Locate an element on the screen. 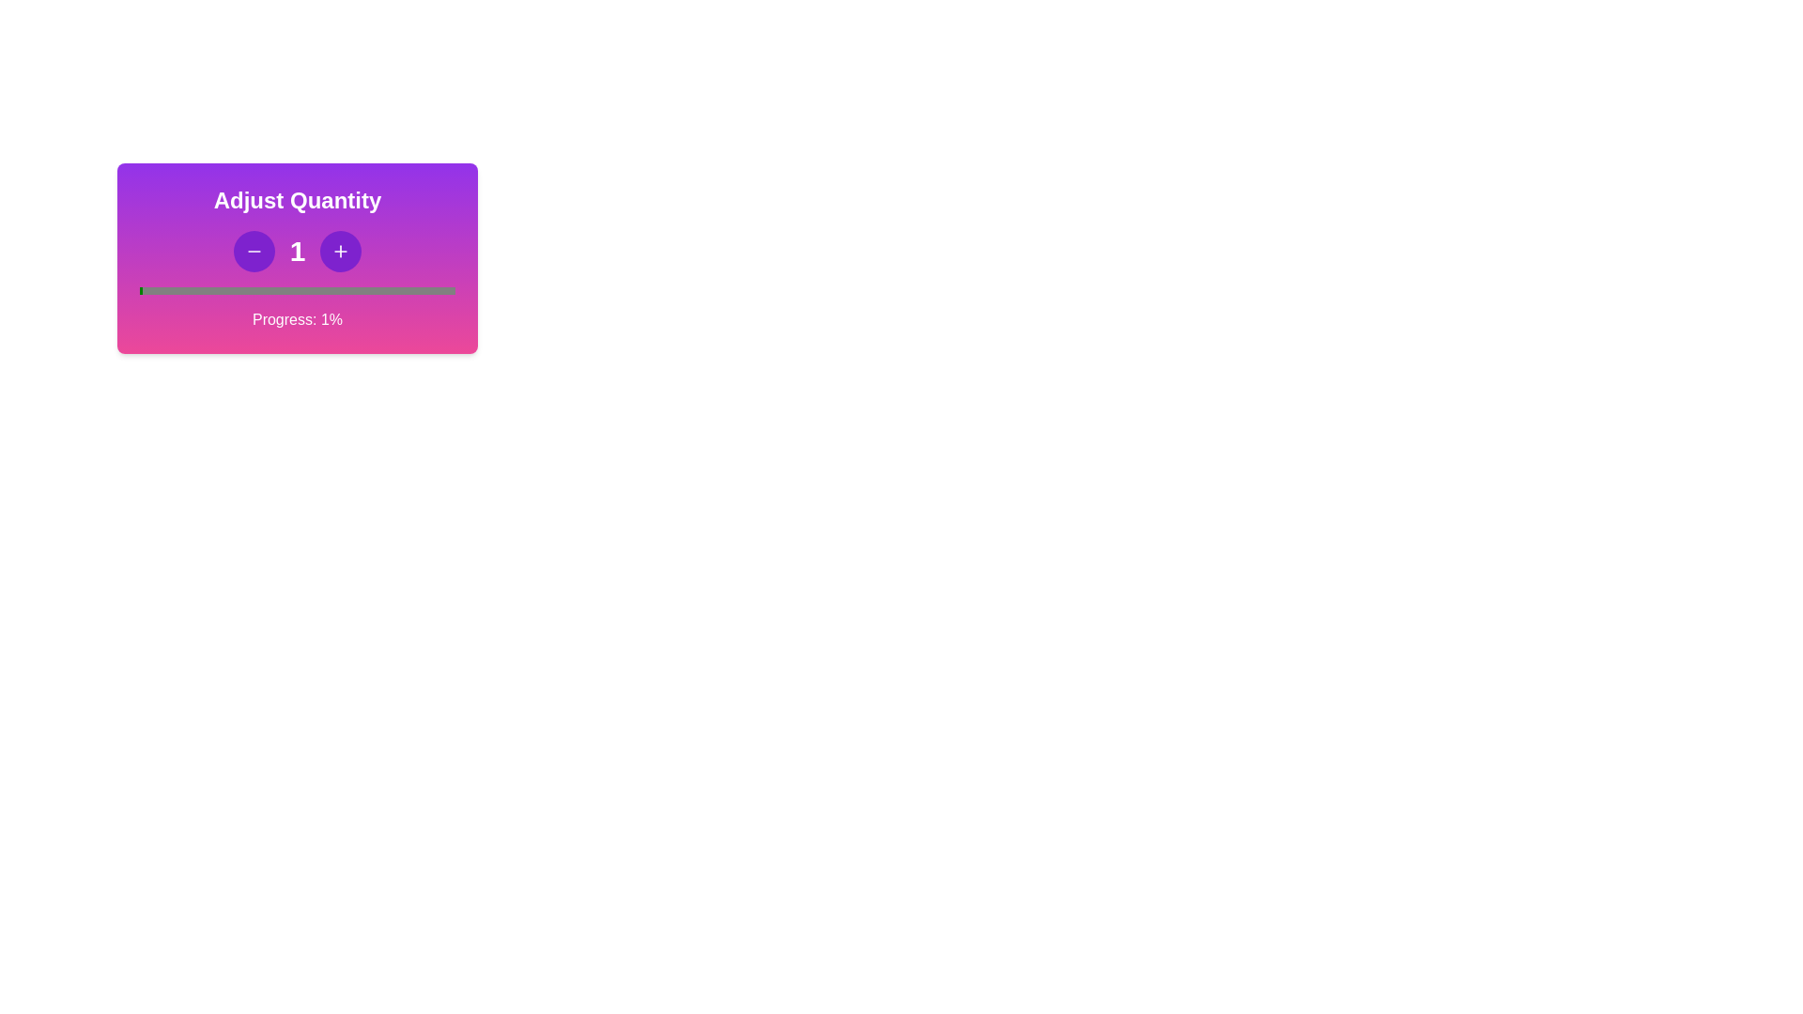 The width and height of the screenshot is (1803, 1014). the 'minus' icon located within the circular button to the left of the numeric value '1' in the 'Adjust Quantity' section is located at coordinates (253, 250).